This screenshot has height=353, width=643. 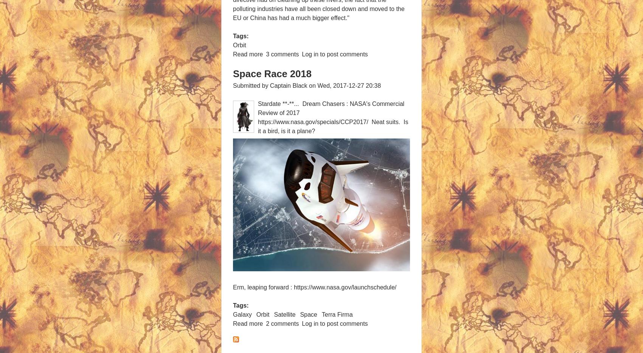 What do you see at coordinates (337, 314) in the screenshot?
I see `'Terra Firma'` at bounding box center [337, 314].